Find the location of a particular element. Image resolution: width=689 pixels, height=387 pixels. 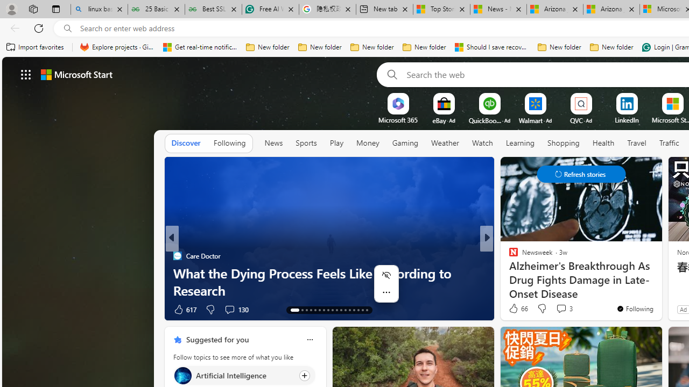

'34 Like' is located at coordinates (514, 309).